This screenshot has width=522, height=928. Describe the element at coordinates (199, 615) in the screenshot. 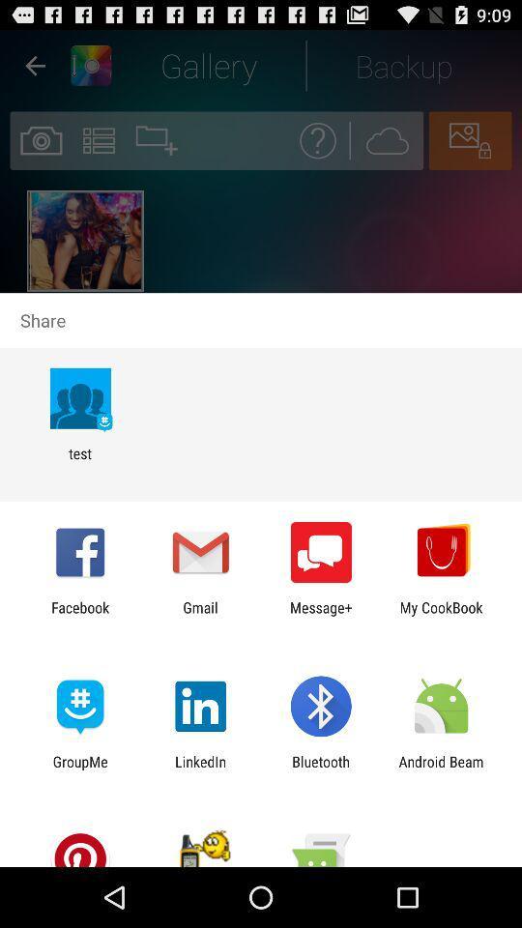

I see `app next to facebook app` at that location.